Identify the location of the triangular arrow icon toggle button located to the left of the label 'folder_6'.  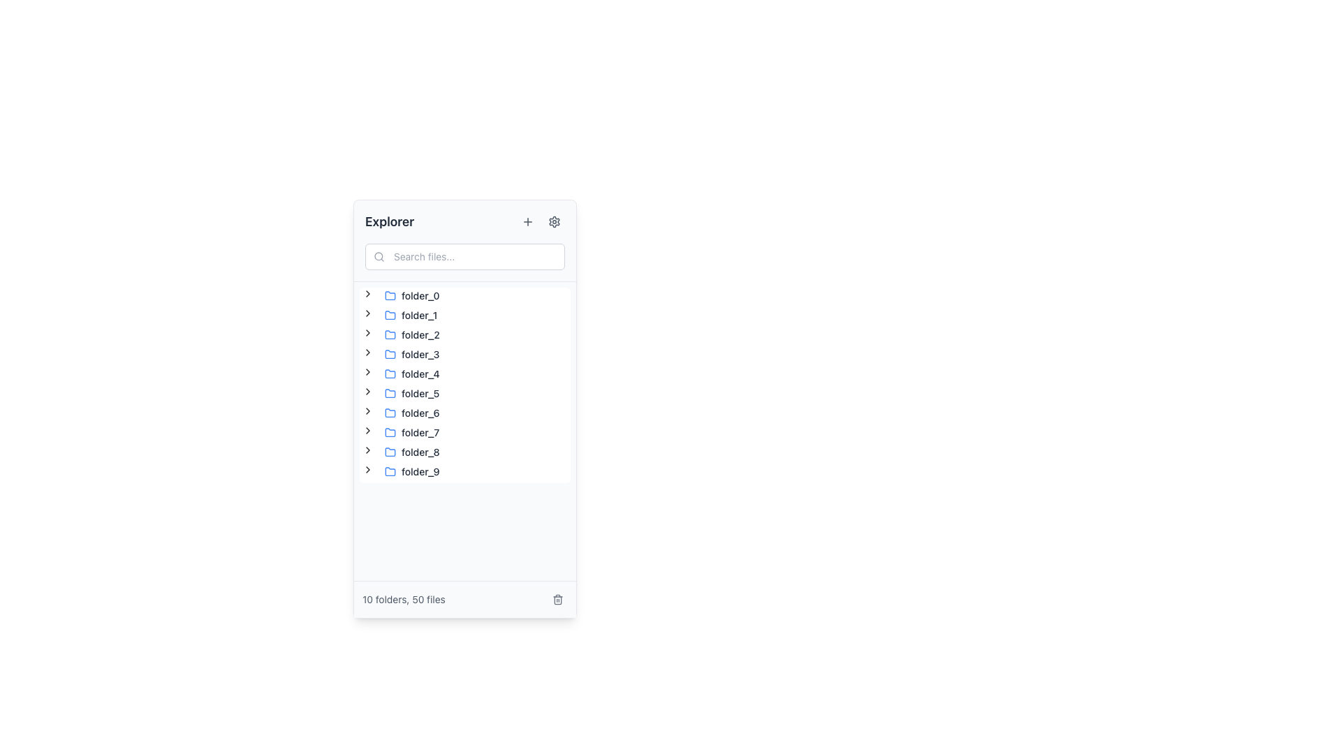
(368, 412).